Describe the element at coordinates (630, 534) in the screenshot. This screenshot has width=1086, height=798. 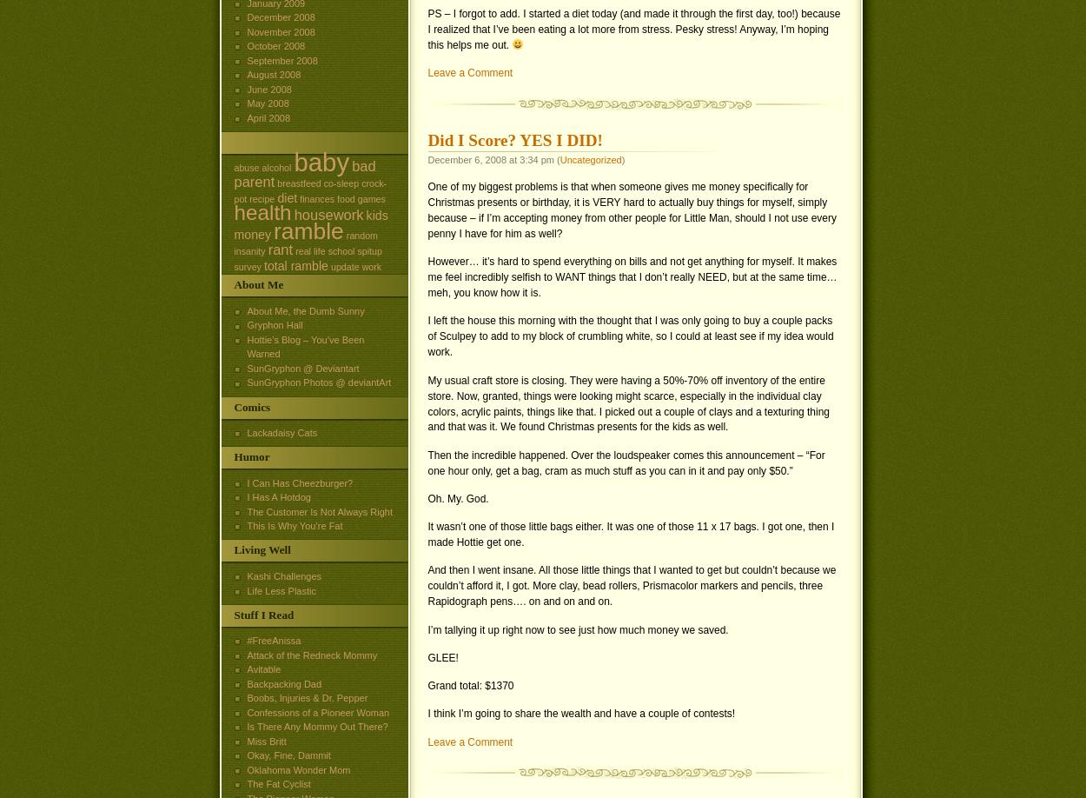
I see `'It wasn’t one of those little bags either. It was one of those 11 x 17 bags. I got one, then I made Hottie get one.'` at that location.